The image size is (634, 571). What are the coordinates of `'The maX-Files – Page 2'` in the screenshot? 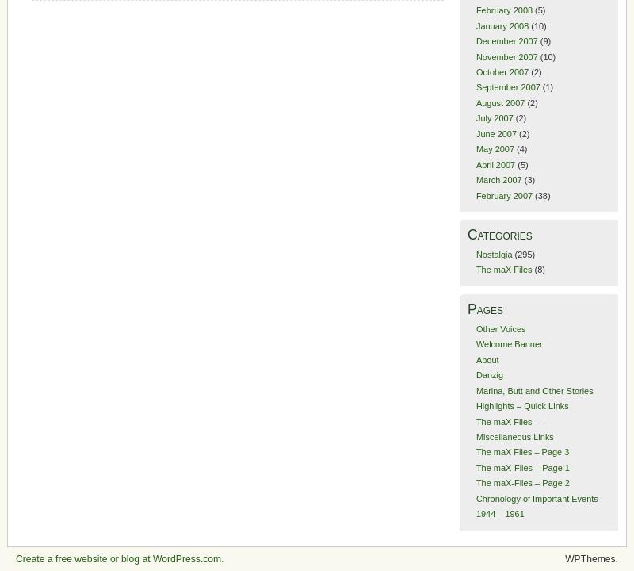 It's located at (521, 481).